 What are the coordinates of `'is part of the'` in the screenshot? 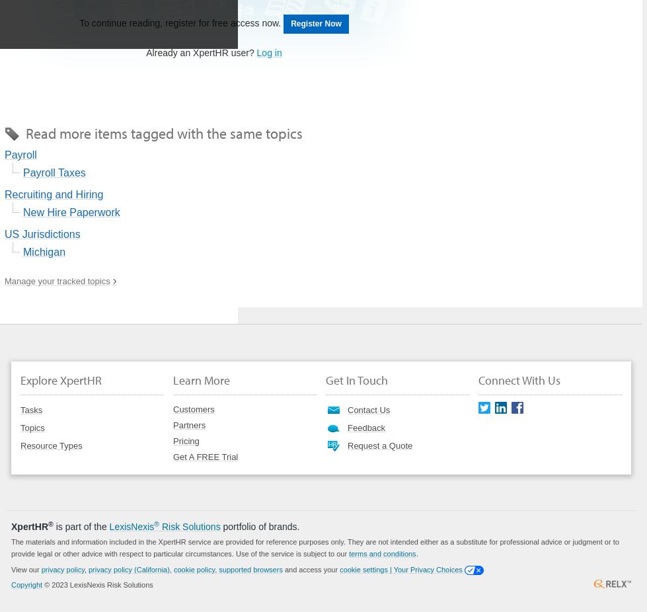 It's located at (81, 525).